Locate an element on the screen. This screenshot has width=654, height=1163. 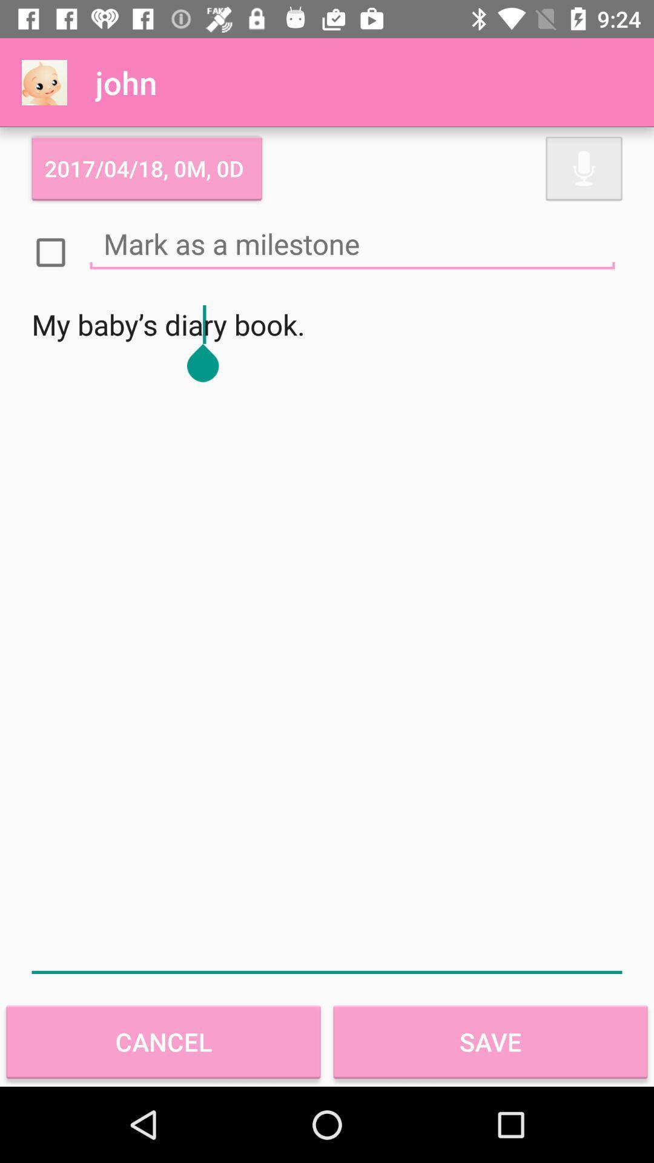
2017 04 18 icon is located at coordinates (146, 168).